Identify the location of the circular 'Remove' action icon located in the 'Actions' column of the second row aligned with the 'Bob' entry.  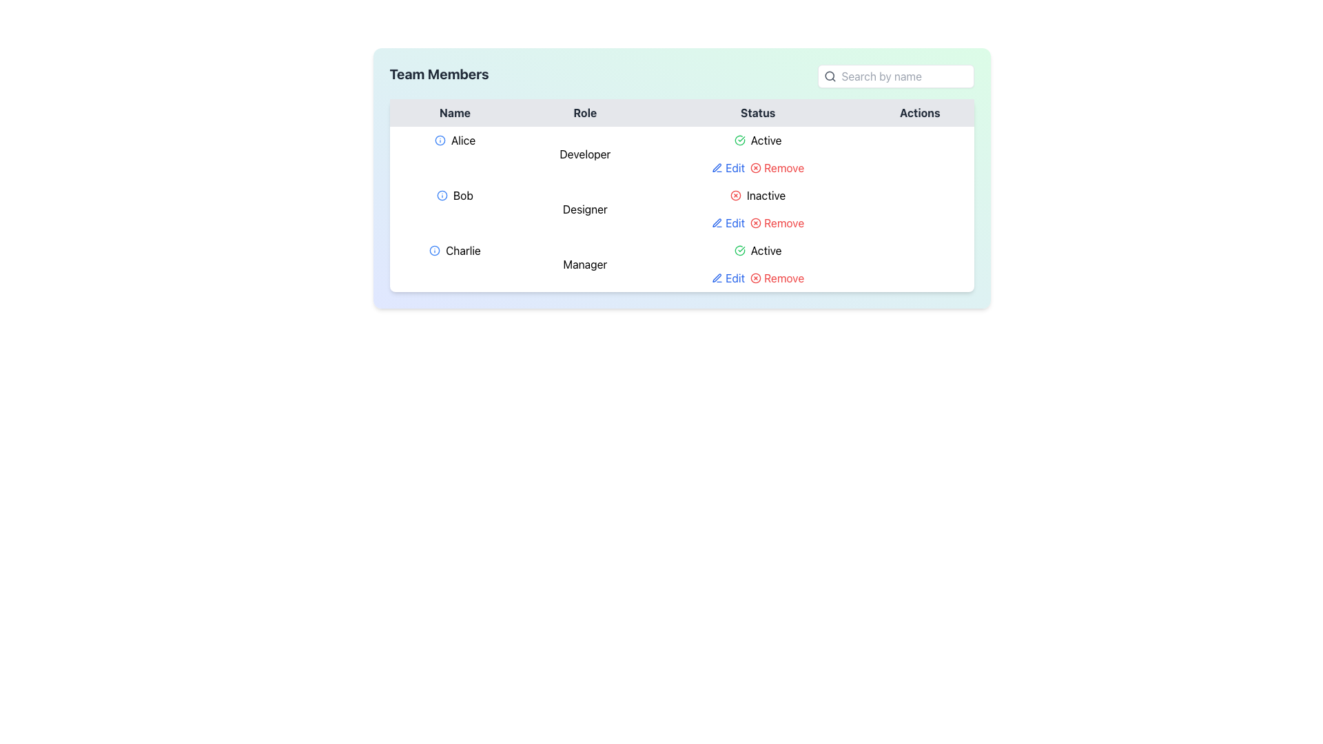
(755, 223).